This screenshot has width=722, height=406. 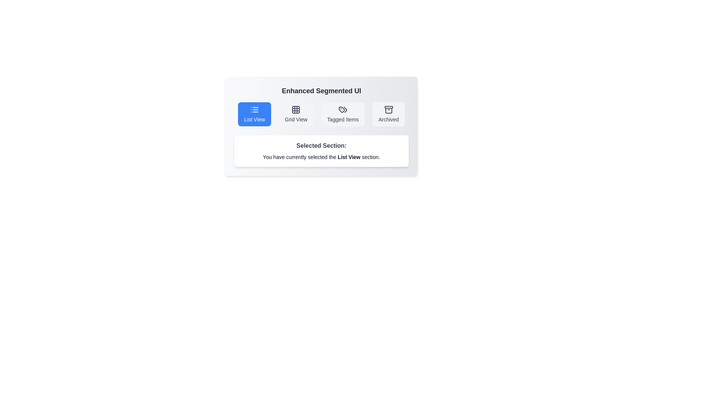 What do you see at coordinates (349, 156) in the screenshot?
I see `the 'List View' text label, which is styled in bold to indicate the current selection within the paragraph located at the lower center of the interface` at bounding box center [349, 156].